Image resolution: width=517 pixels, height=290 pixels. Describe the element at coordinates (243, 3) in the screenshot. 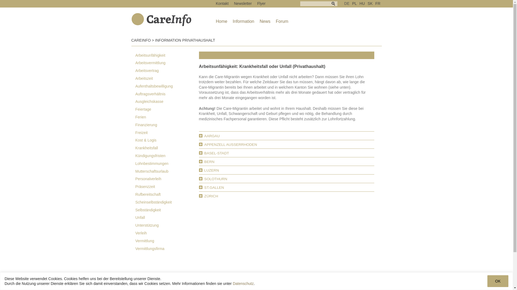

I see `'Newsletter'` at that location.